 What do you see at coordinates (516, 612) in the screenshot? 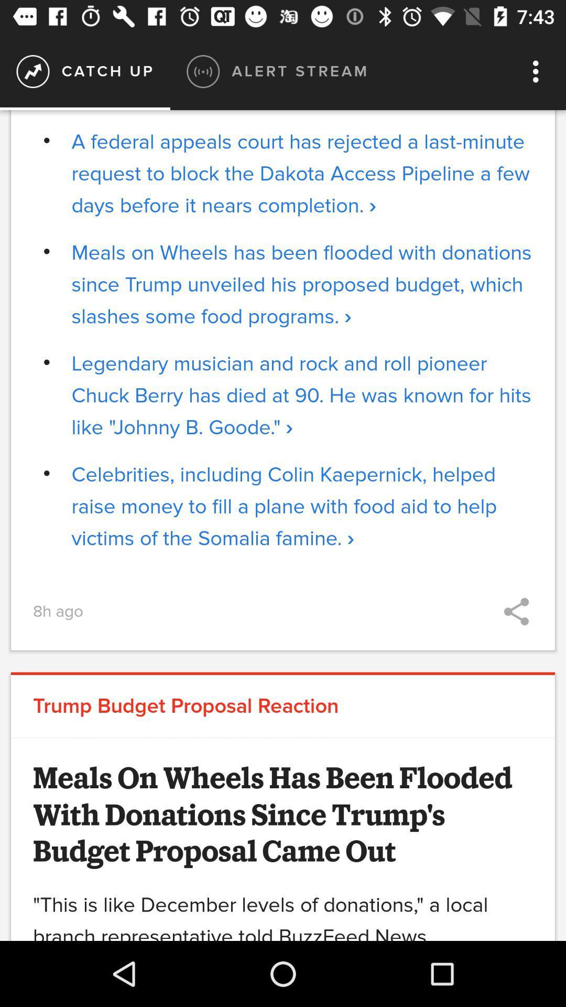
I see `icon on the right` at bounding box center [516, 612].